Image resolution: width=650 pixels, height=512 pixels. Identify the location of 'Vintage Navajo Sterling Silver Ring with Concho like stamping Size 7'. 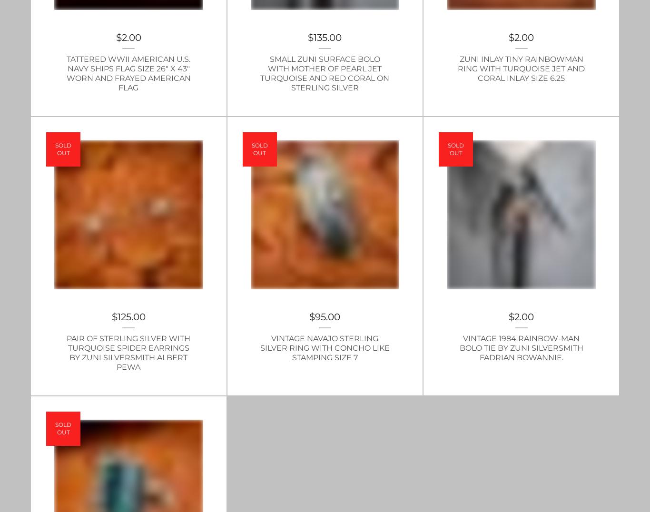
(324, 347).